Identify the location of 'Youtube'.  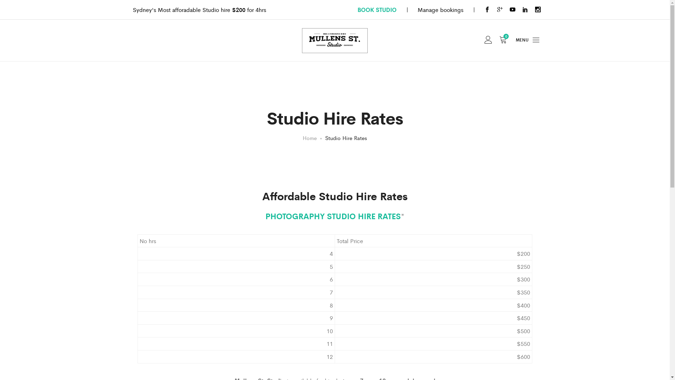
(509, 9).